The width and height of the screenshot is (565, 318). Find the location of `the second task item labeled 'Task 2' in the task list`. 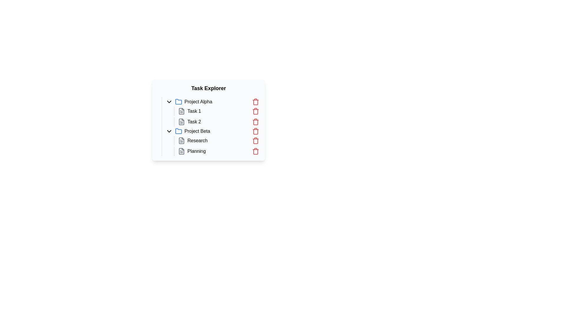

the second task item labeled 'Task 2' in the task list is located at coordinates (218, 121).